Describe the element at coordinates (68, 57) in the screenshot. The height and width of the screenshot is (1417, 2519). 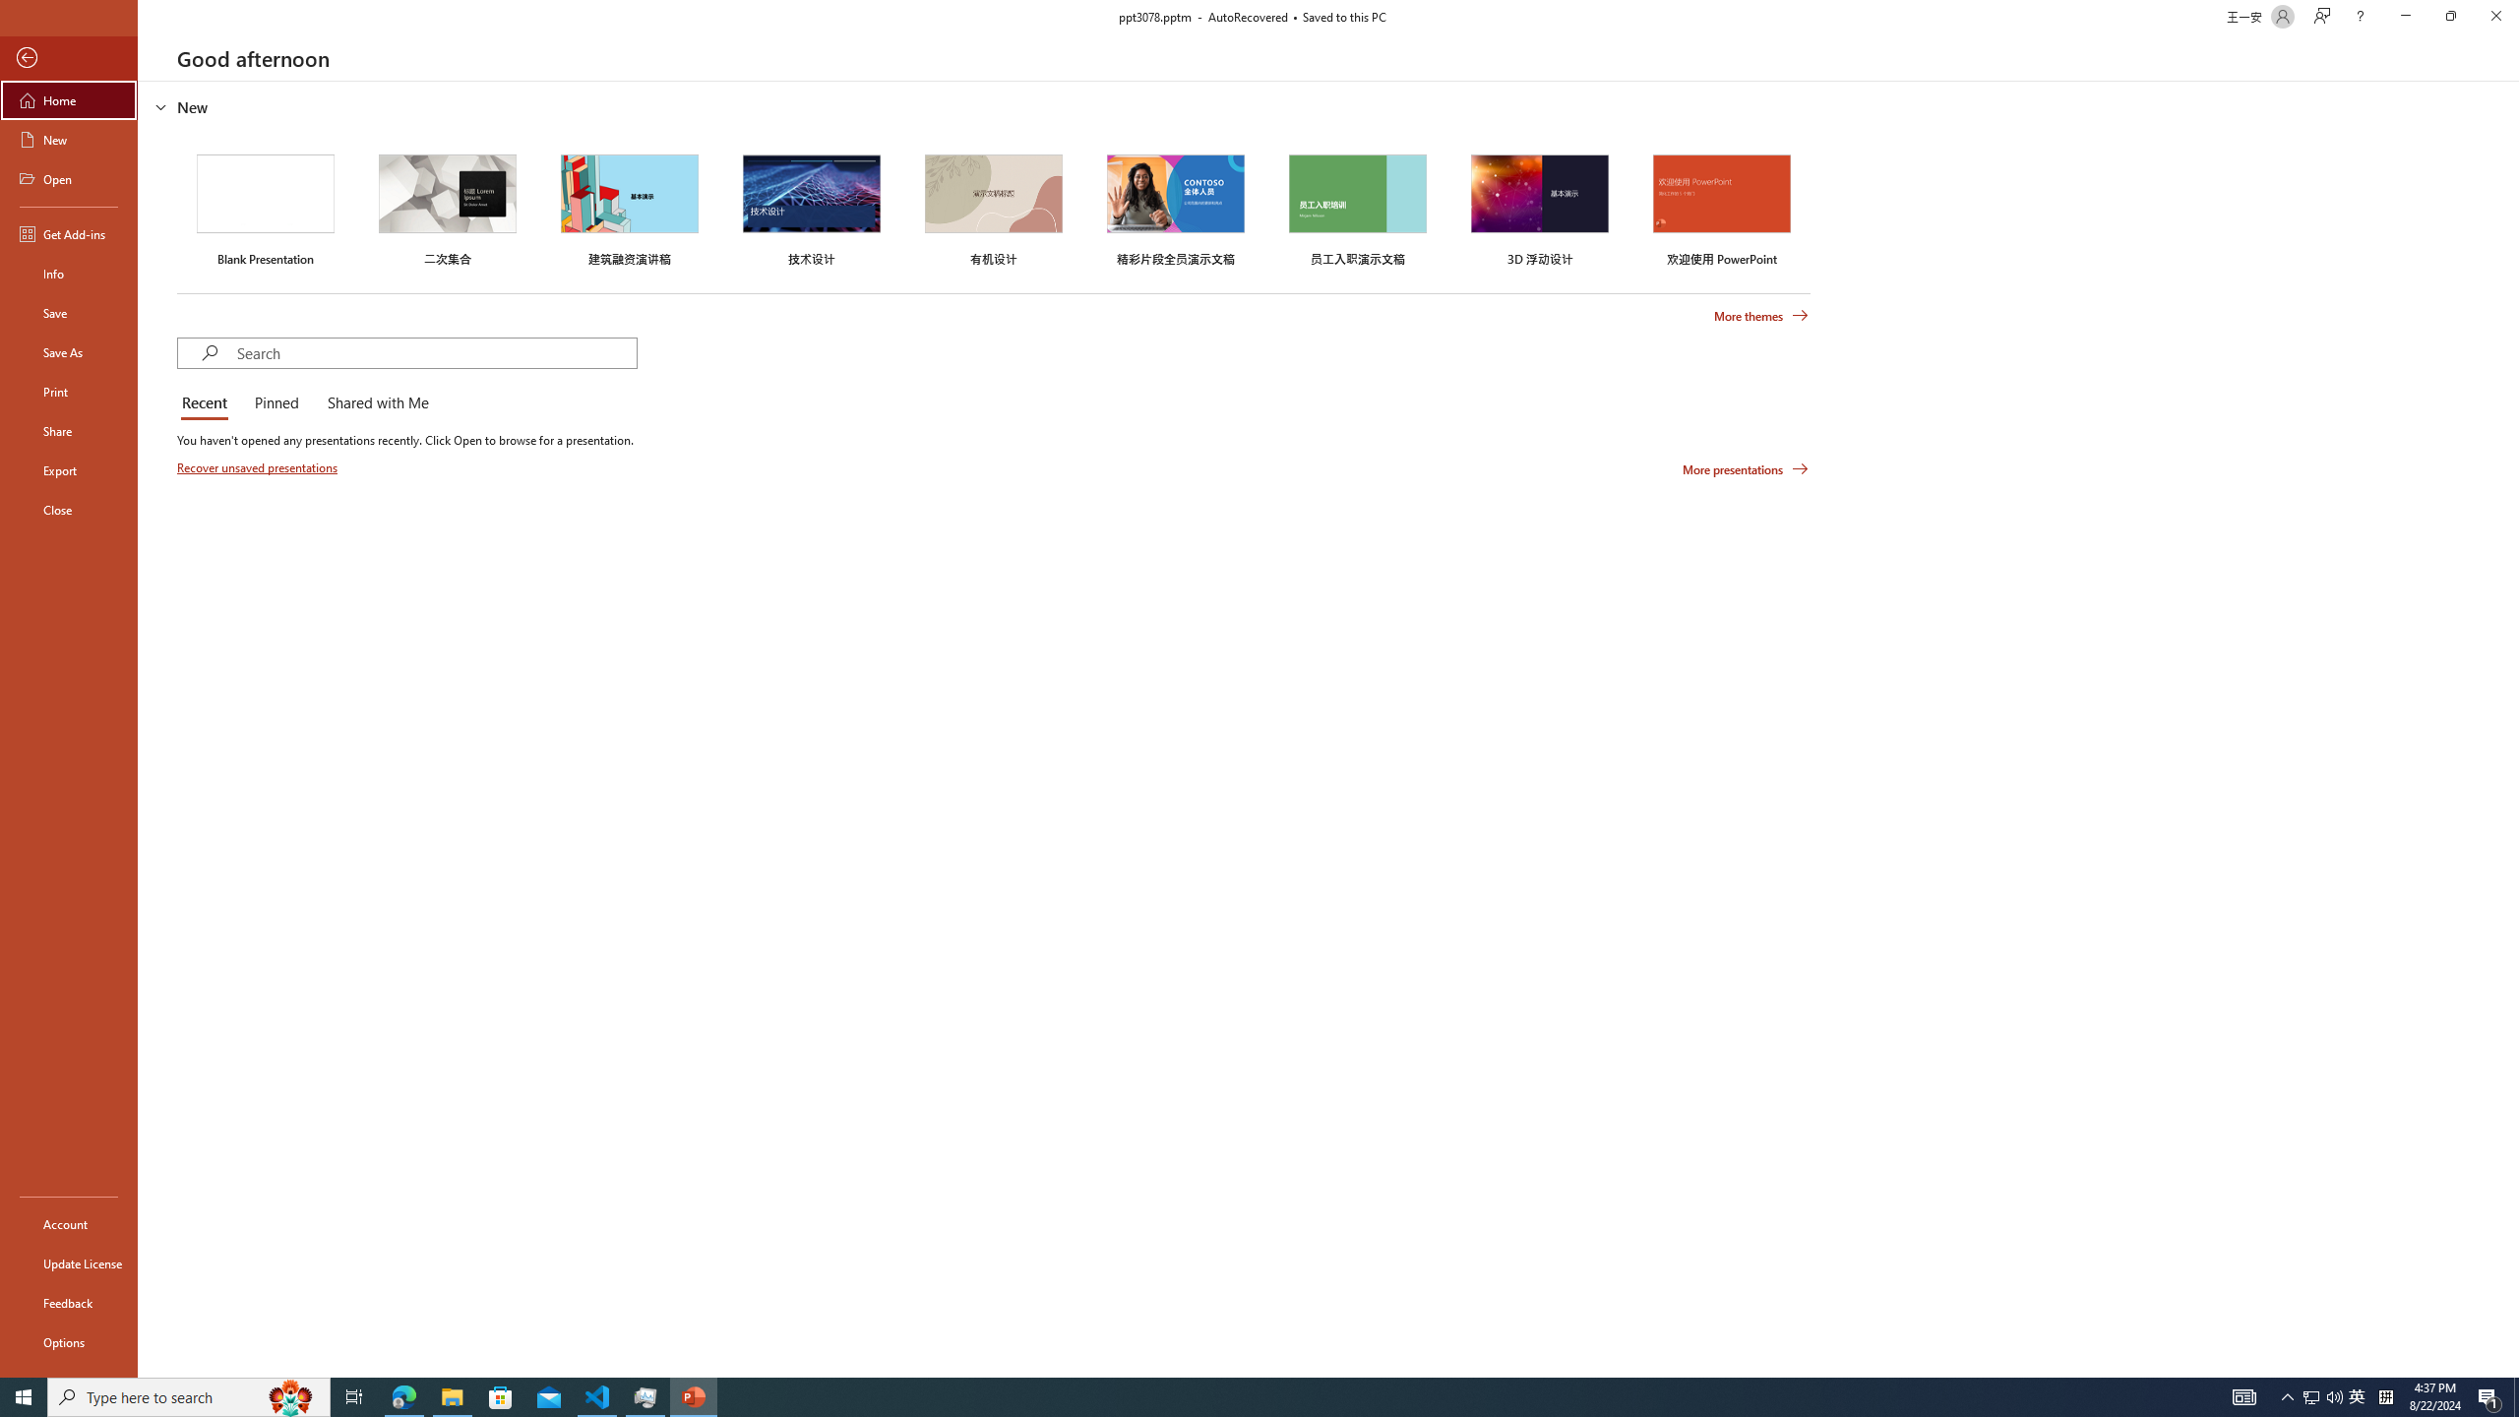
I see `'Back'` at that location.